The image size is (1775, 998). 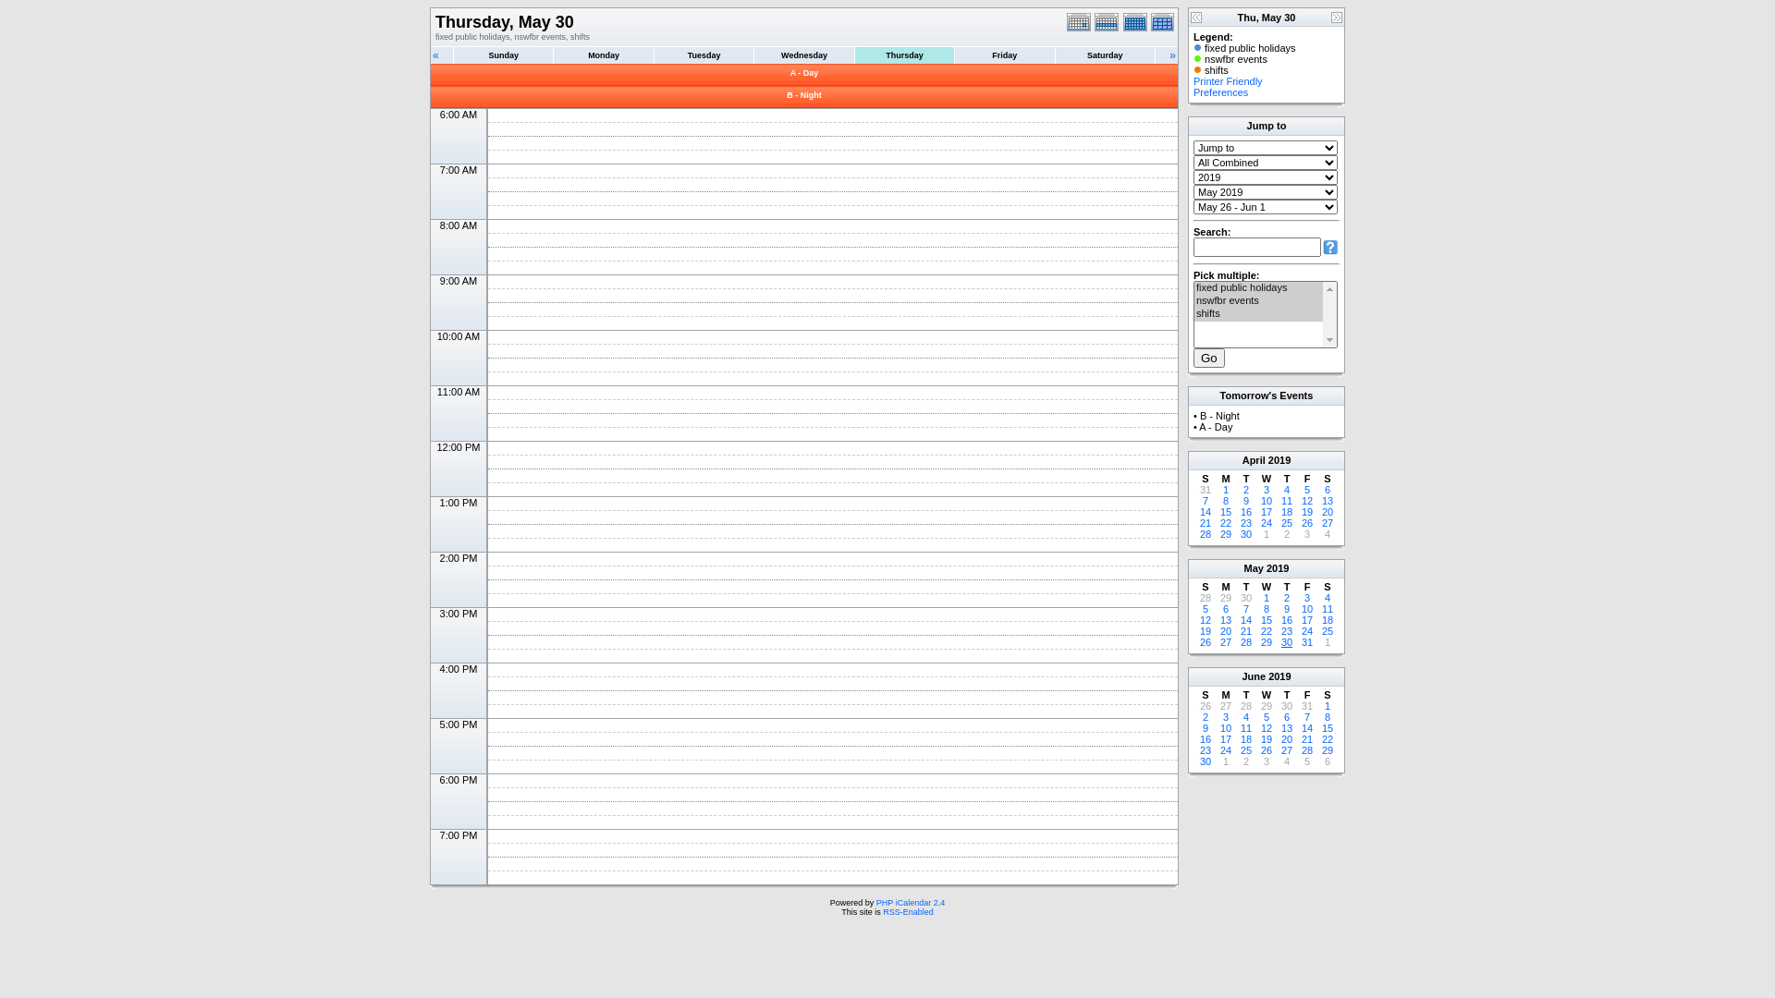 I want to click on 'Go', so click(x=1208, y=358).